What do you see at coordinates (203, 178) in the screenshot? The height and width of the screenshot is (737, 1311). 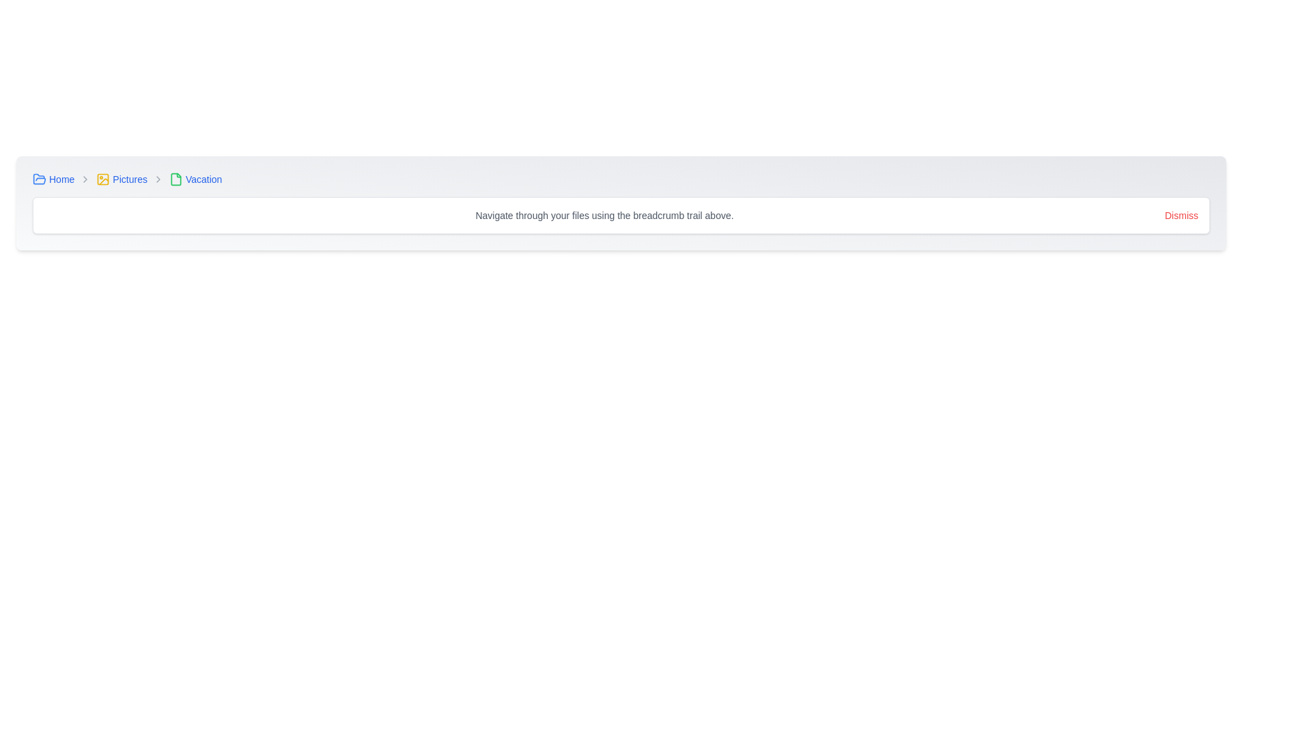 I see `the navigational link labeled 'Vacation'` at bounding box center [203, 178].